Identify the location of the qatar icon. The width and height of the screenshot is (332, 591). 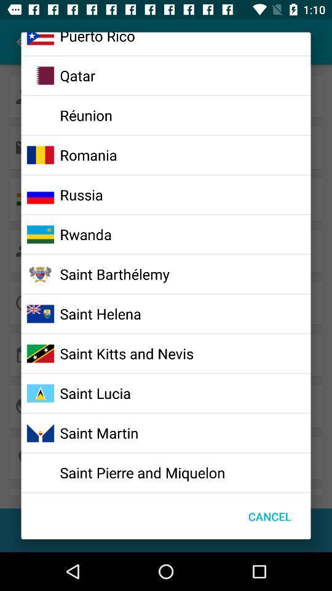
(77, 74).